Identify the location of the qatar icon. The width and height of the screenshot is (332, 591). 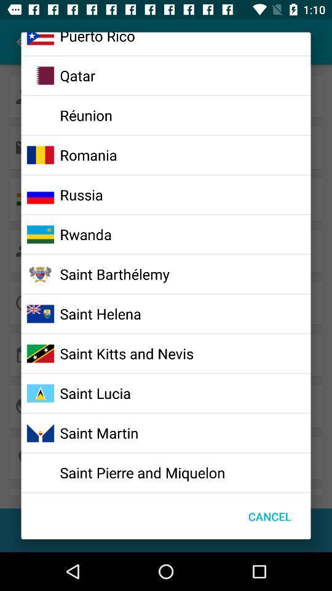
(77, 74).